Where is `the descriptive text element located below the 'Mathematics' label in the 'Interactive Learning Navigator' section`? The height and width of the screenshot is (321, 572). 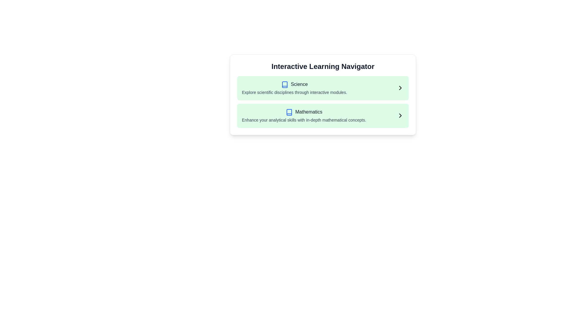 the descriptive text element located below the 'Mathematics' label in the 'Interactive Learning Navigator' section is located at coordinates (304, 120).